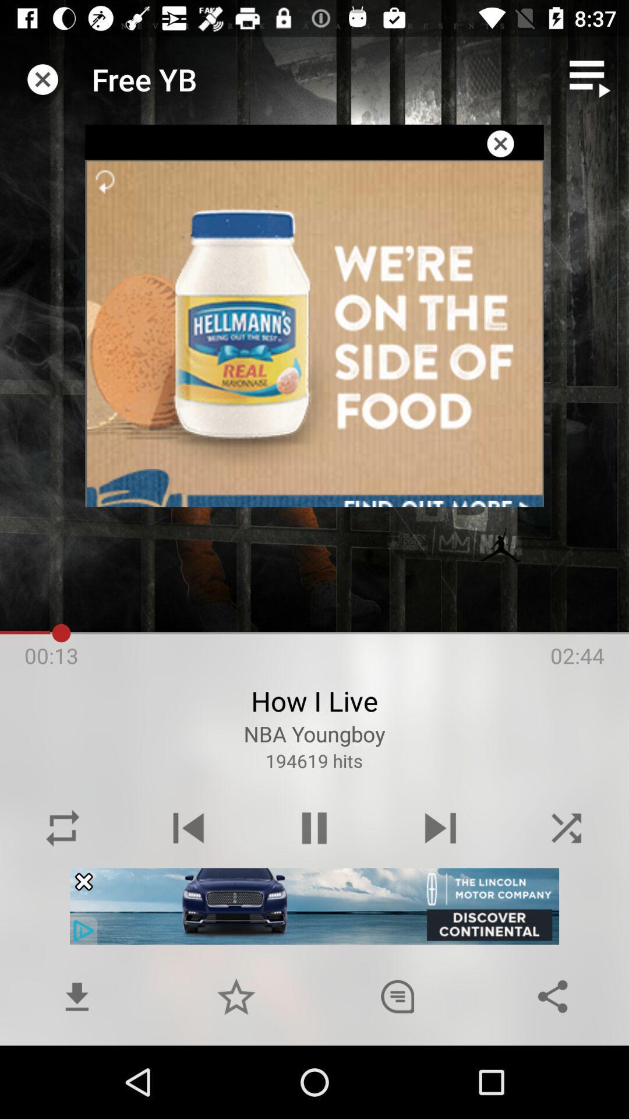  What do you see at coordinates (63, 828) in the screenshot?
I see `the repeat icon` at bounding box center [63, 828].